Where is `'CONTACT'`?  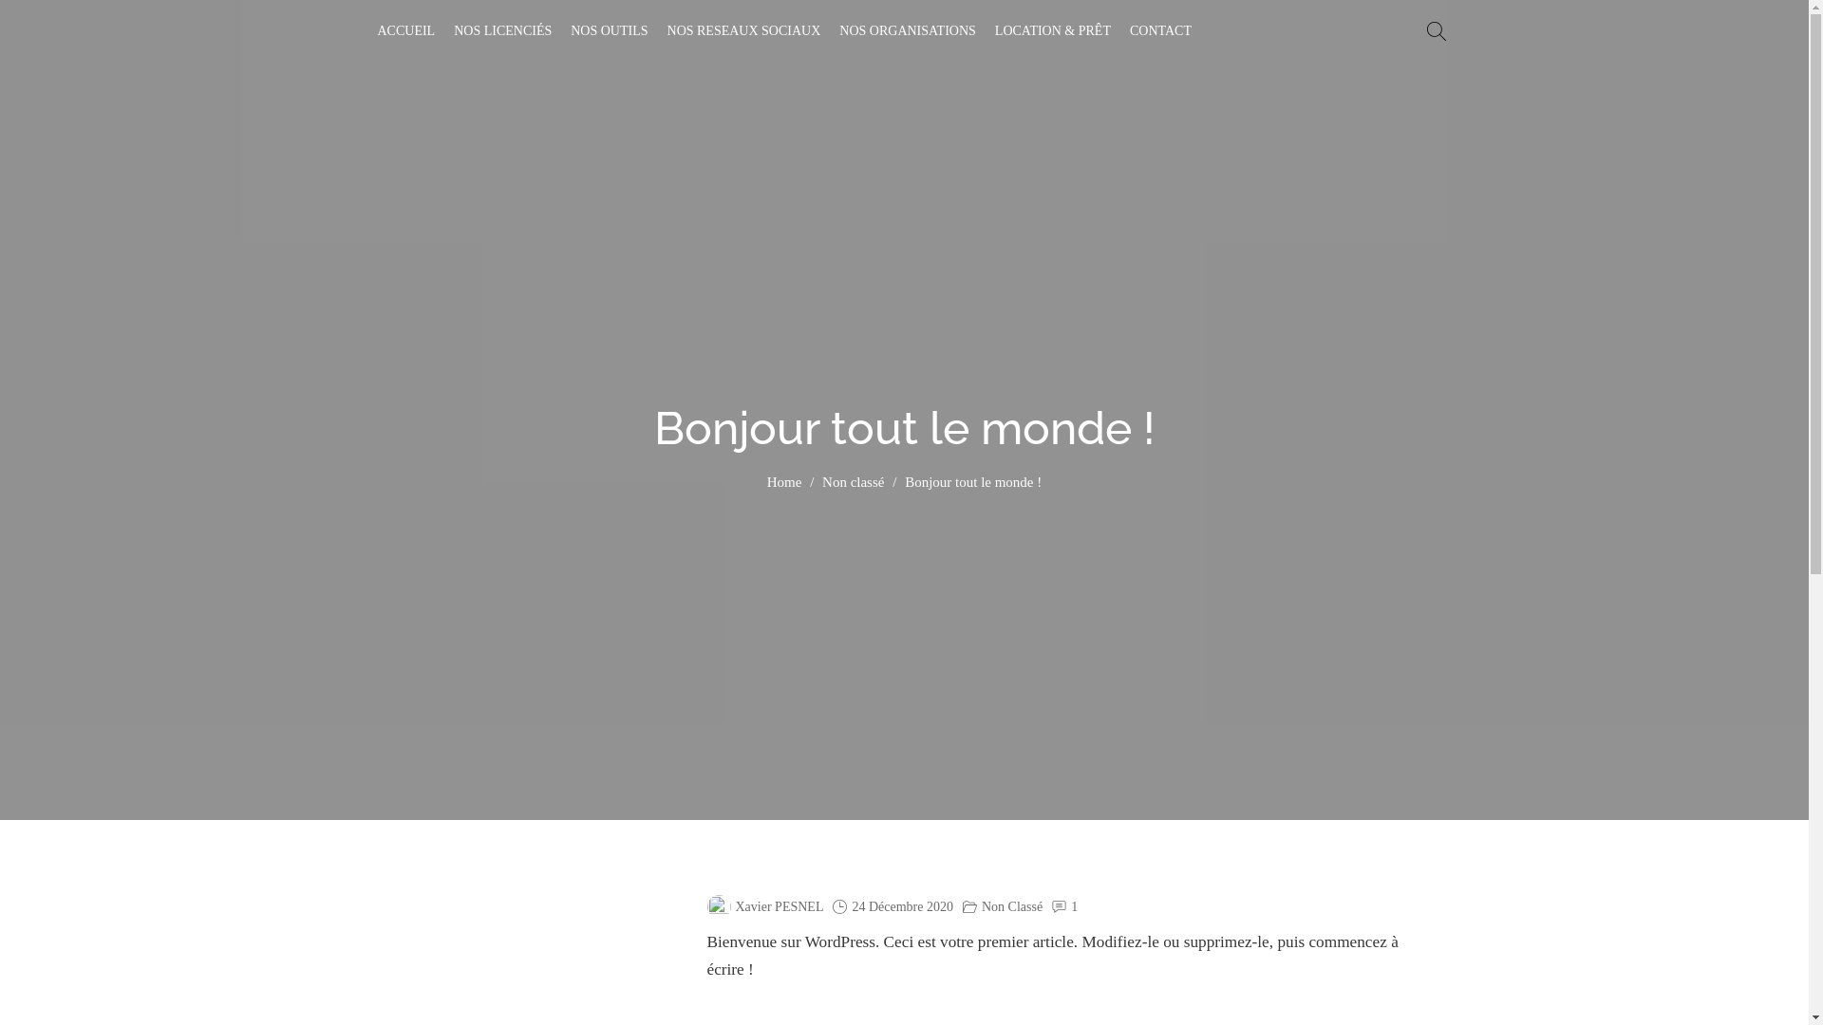 'CONTACT' is located at coordinates (1159, 31).